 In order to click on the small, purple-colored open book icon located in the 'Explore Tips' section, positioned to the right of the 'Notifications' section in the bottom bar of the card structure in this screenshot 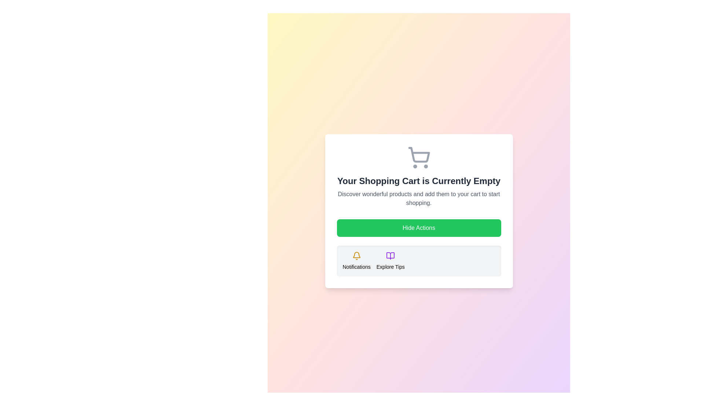, I will do `click(390, 256)`.